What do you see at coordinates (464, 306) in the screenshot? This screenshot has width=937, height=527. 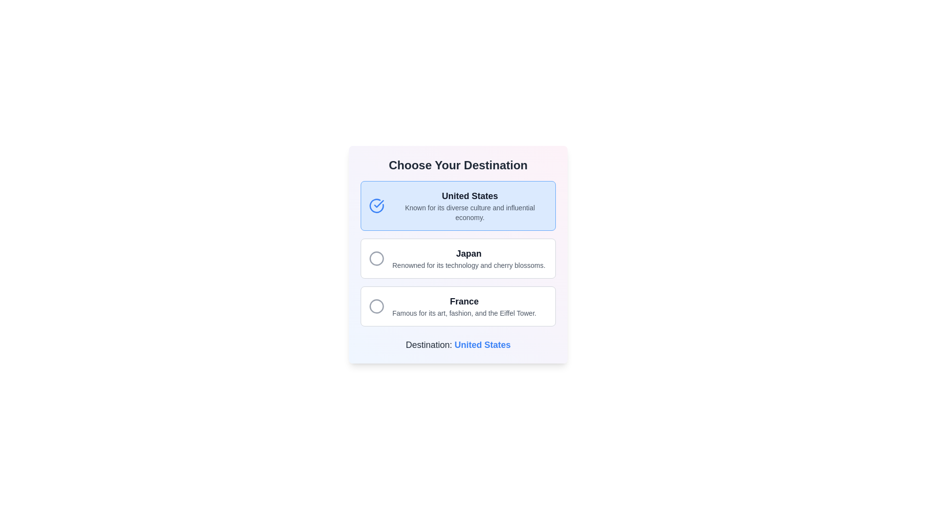 I see `the static text element that displays information about 'France', located within the third option card under the heading 'Choose Your Destination'` at bounding box center [464, 306].